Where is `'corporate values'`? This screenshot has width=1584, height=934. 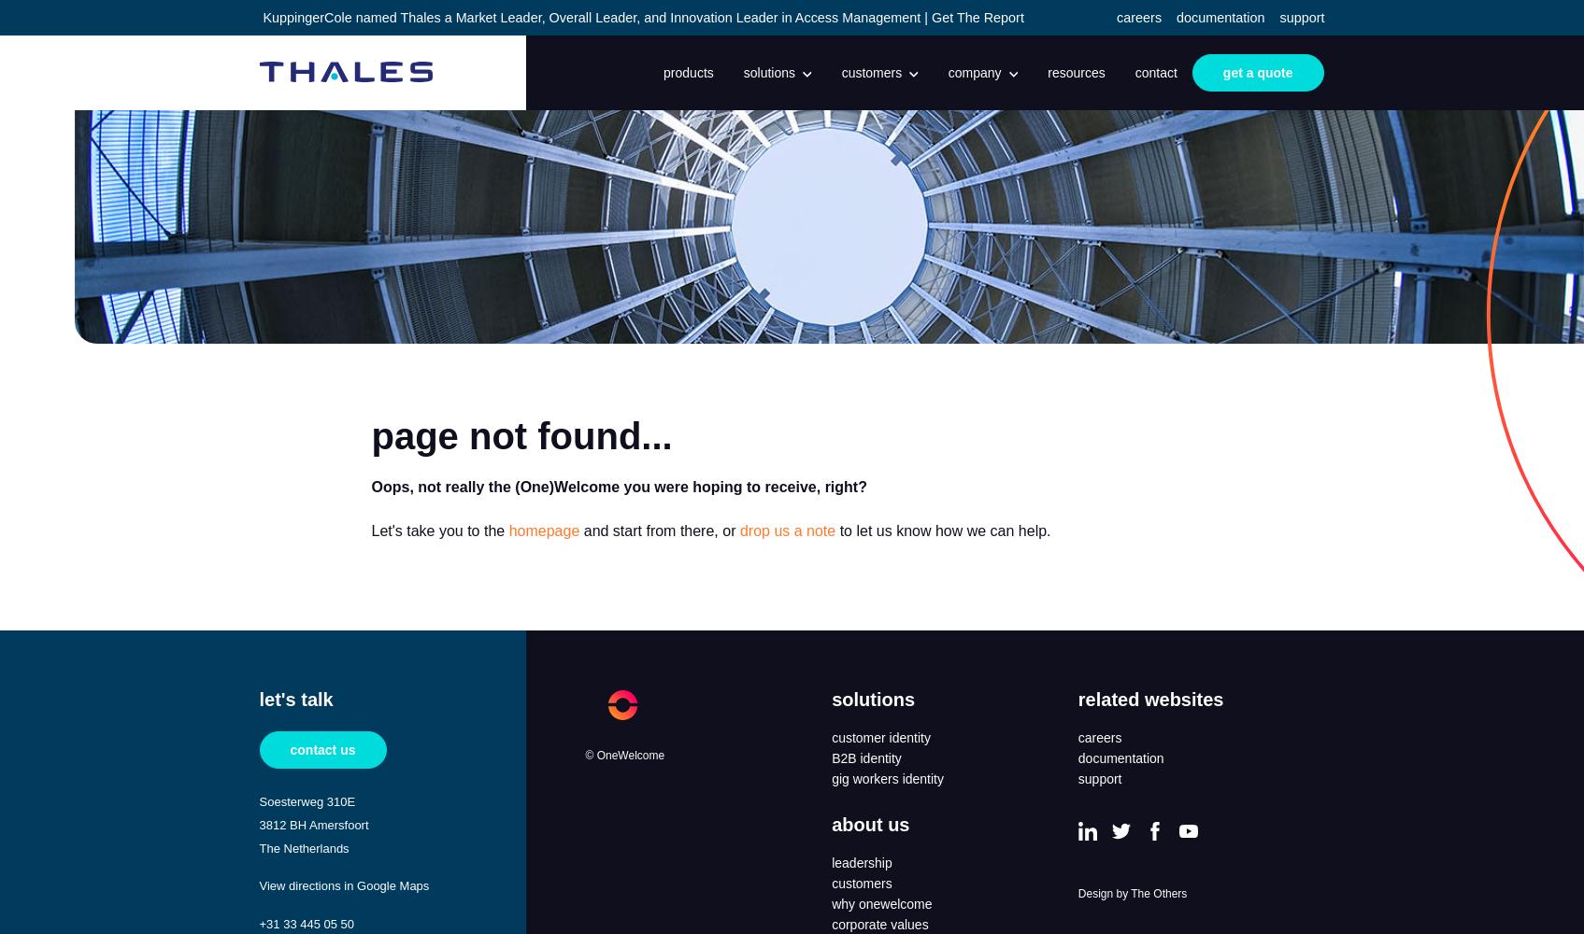
'corporate values' is located at coordinates (879, 924).